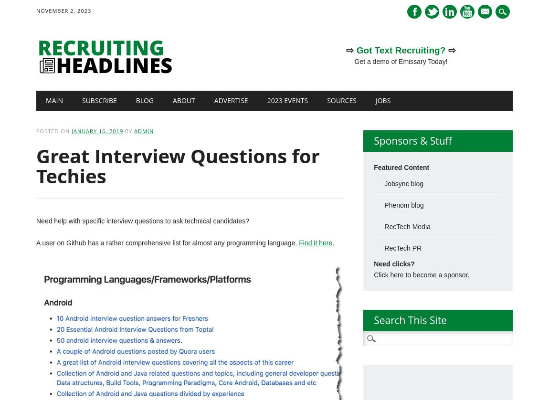 The width and height of the screenshot is (549, 400). Describe the element at coordinates (373, 263) in the screenshot. I see `'Need clicks?'` at that location.